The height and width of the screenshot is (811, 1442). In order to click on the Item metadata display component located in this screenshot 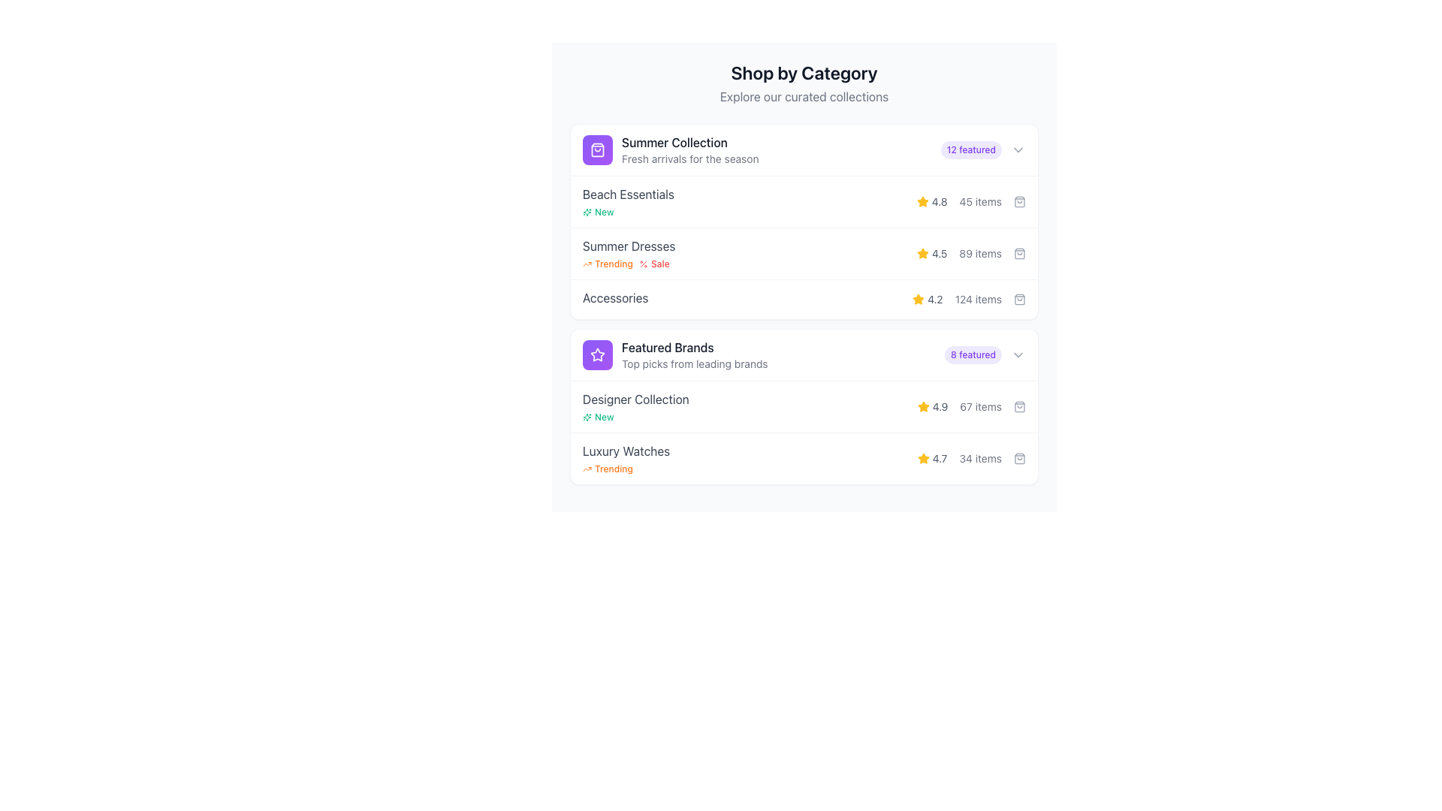, I will do `click(969, 299)`.